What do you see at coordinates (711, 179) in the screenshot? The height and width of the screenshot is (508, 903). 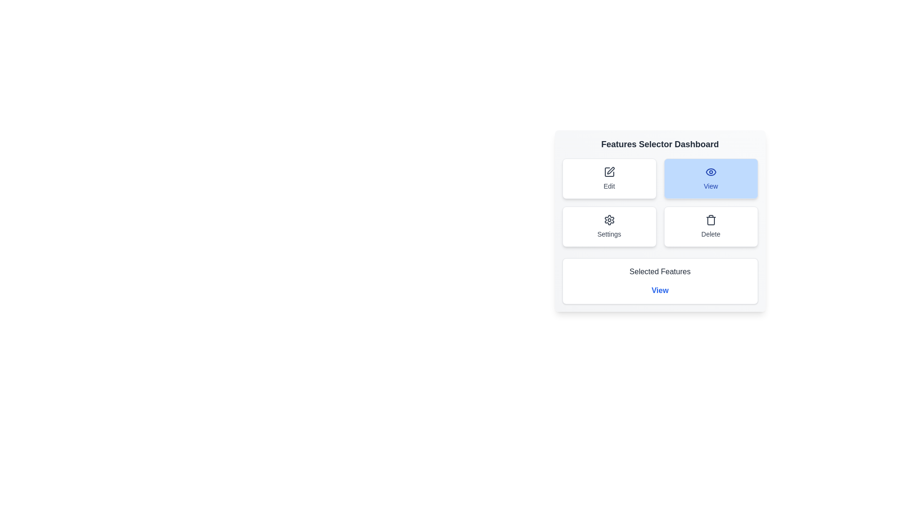 I see `the feature button view` at bounding box center [711, 179].